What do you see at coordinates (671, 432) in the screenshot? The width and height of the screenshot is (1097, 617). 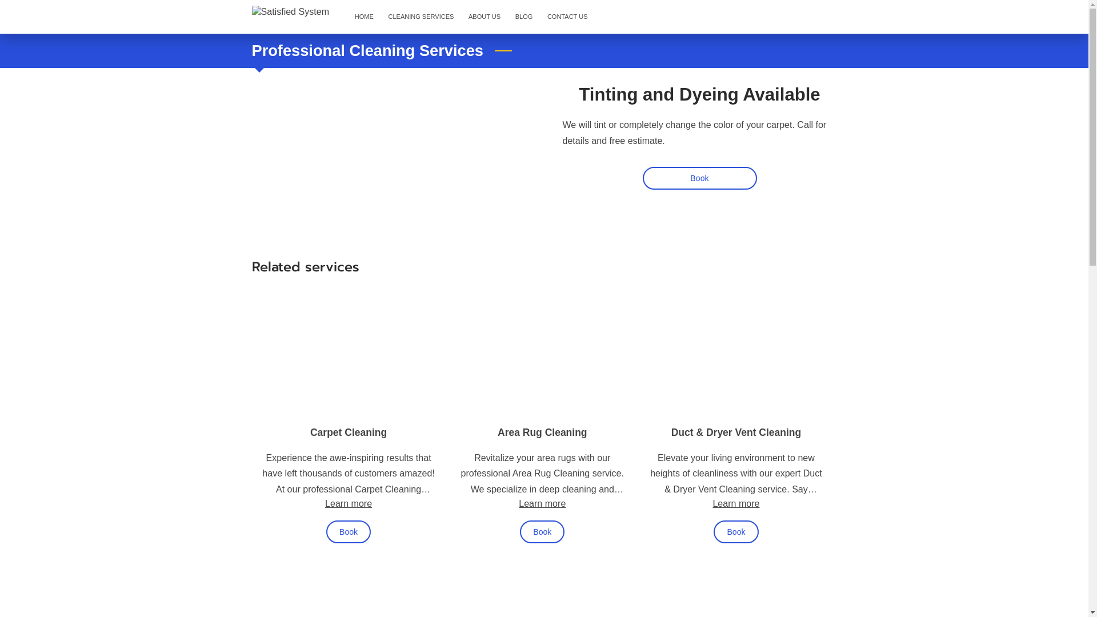 I see `'Duct & Dryer Vent Cleaning'` at bounding box center [671, 432].